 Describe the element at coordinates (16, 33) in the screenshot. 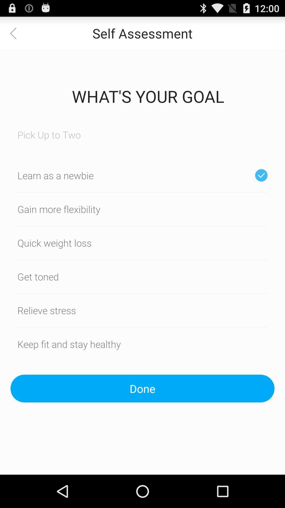

I see `go back` at that location.